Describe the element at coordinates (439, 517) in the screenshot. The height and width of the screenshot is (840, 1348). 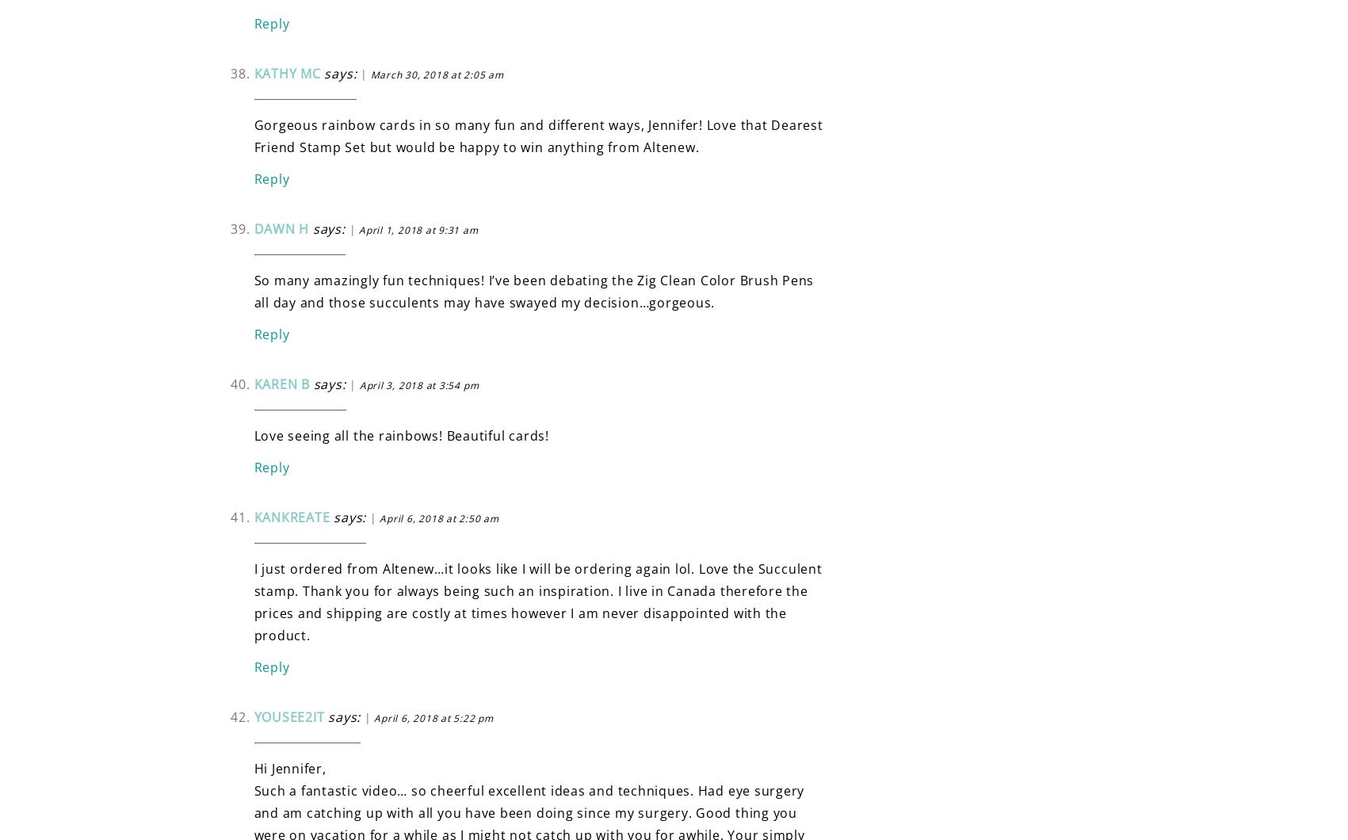
I see `'April 6, 2018 at 2:50 am'` at that location.